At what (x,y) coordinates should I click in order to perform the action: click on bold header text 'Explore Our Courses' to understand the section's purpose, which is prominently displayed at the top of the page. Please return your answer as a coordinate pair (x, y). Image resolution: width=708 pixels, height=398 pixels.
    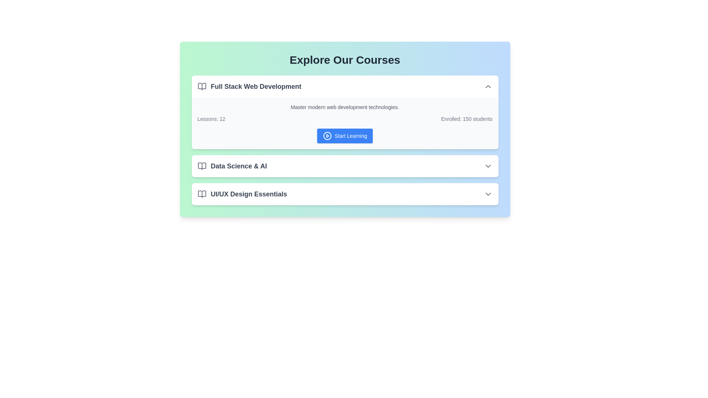
    Looking at the image, I should click on (344, 59).